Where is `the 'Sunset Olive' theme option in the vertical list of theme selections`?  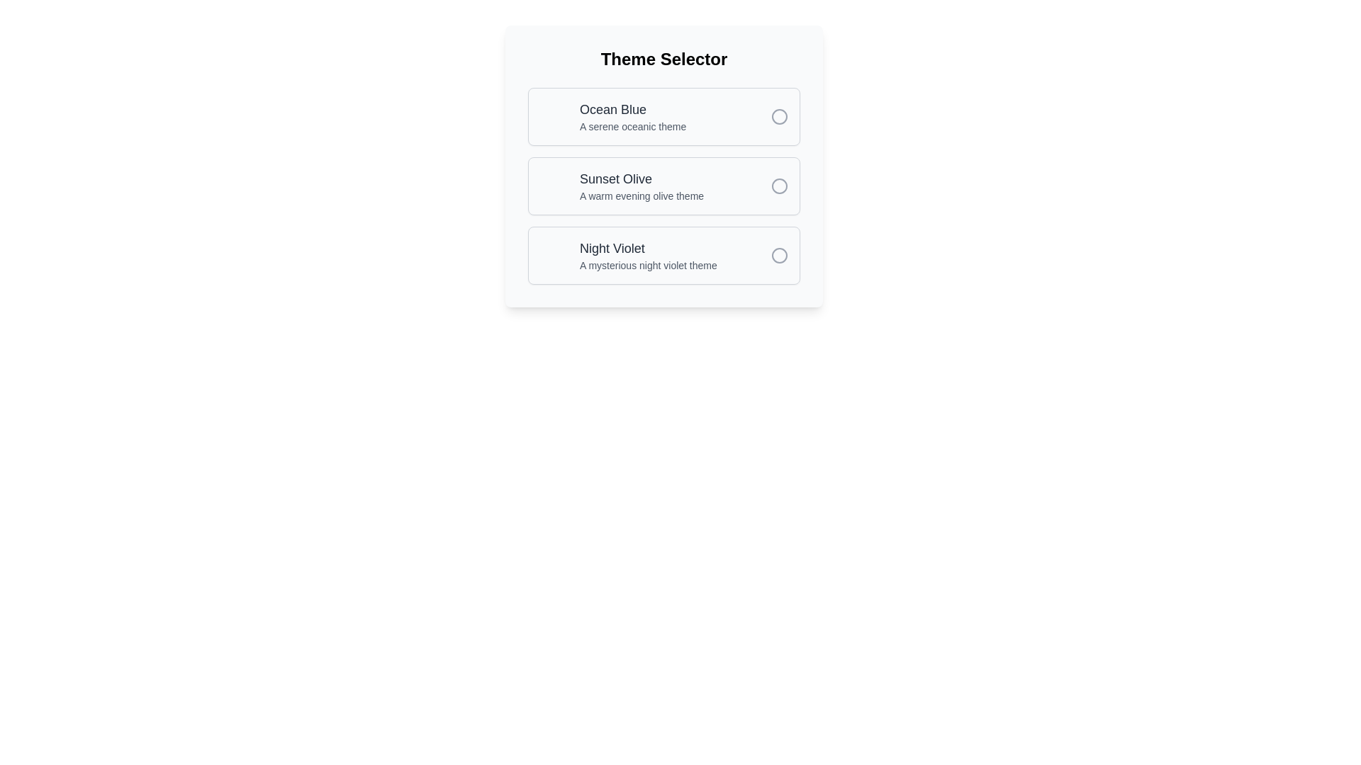 the 'Sunset Olive' theme option in the vertical list of theme selections is located at coordinates (663, 166).